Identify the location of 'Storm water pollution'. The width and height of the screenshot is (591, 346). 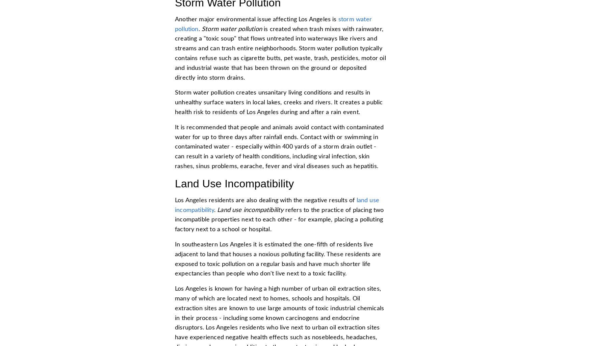
(231, 28).